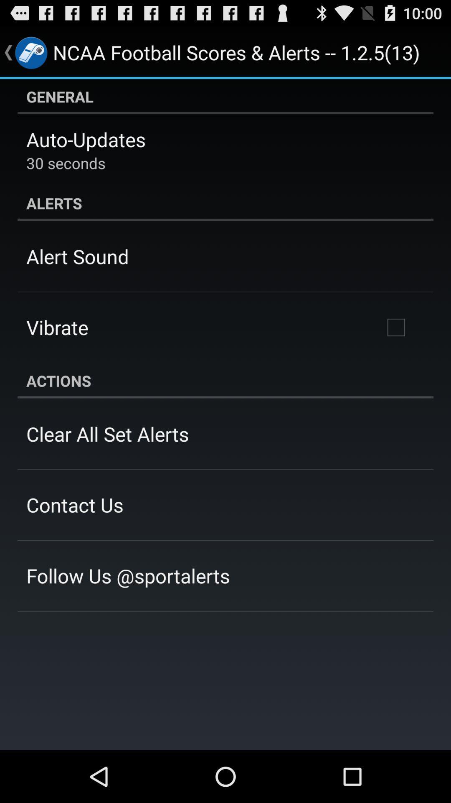 This screenshot has height=803, width=451. I want to click on the follow us @sportalerts icon, so click(128, 575).